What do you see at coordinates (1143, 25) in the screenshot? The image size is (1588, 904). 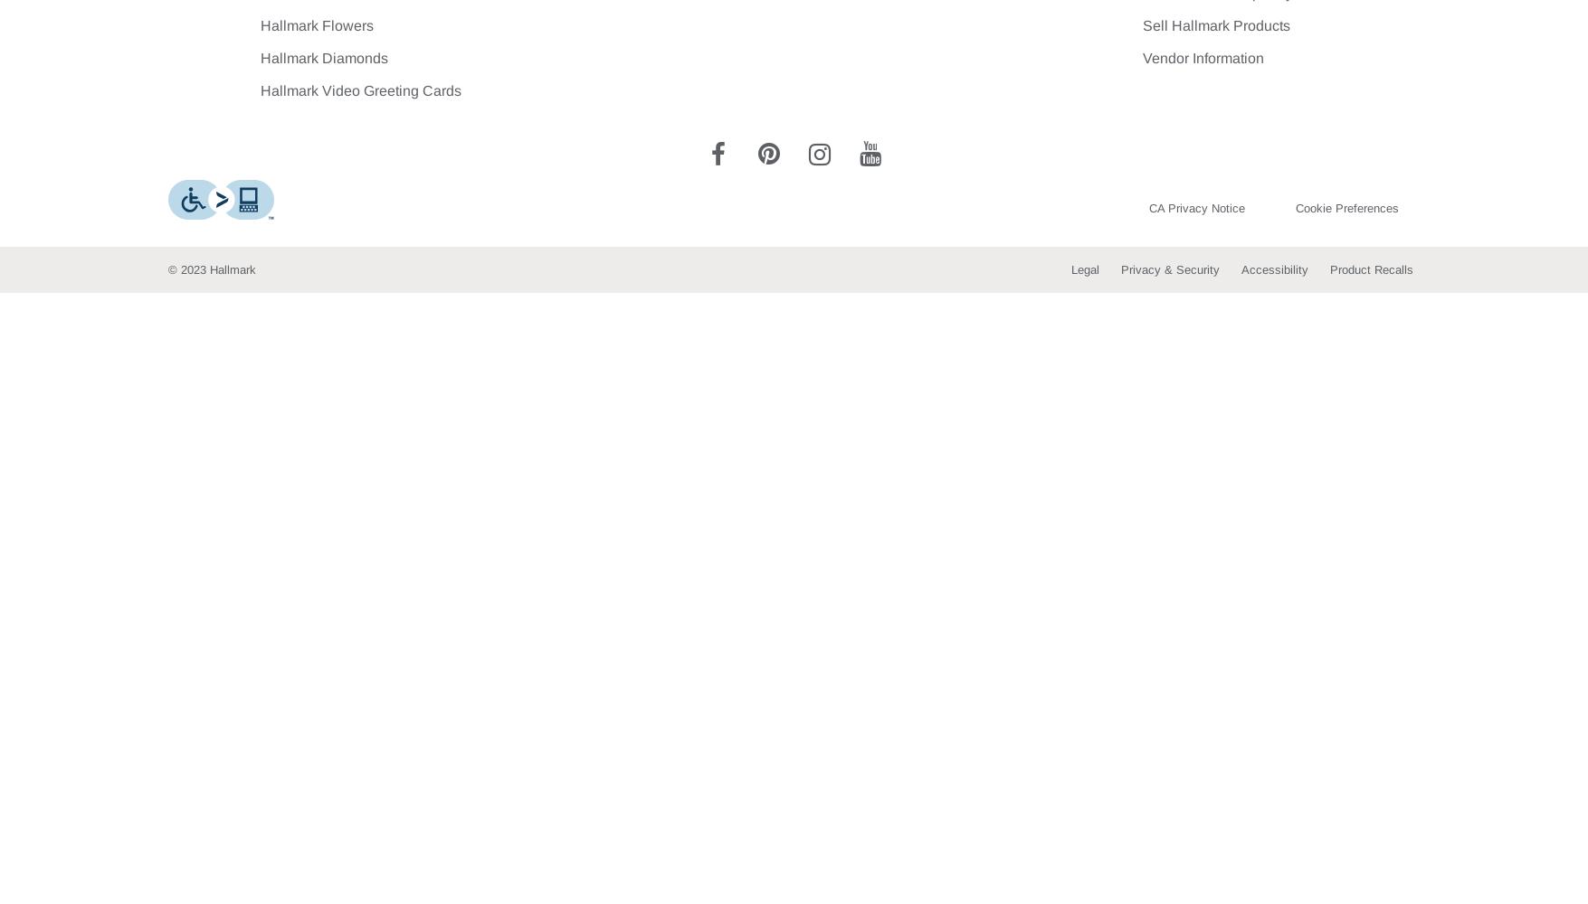 I see `'Sell Hallmark Products'` at bounding box center [1143, 25].